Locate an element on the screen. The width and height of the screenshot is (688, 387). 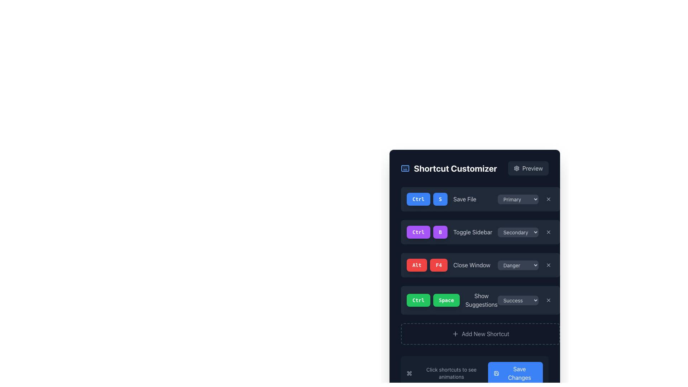
the 'Ctrl' button in the Shortcut label which consists of two purple, rounded rectangular buttons labeled 'Ctrl' and 'B', followed by the text 'Toggle Sidebar' is located at coordinates (449, 232).